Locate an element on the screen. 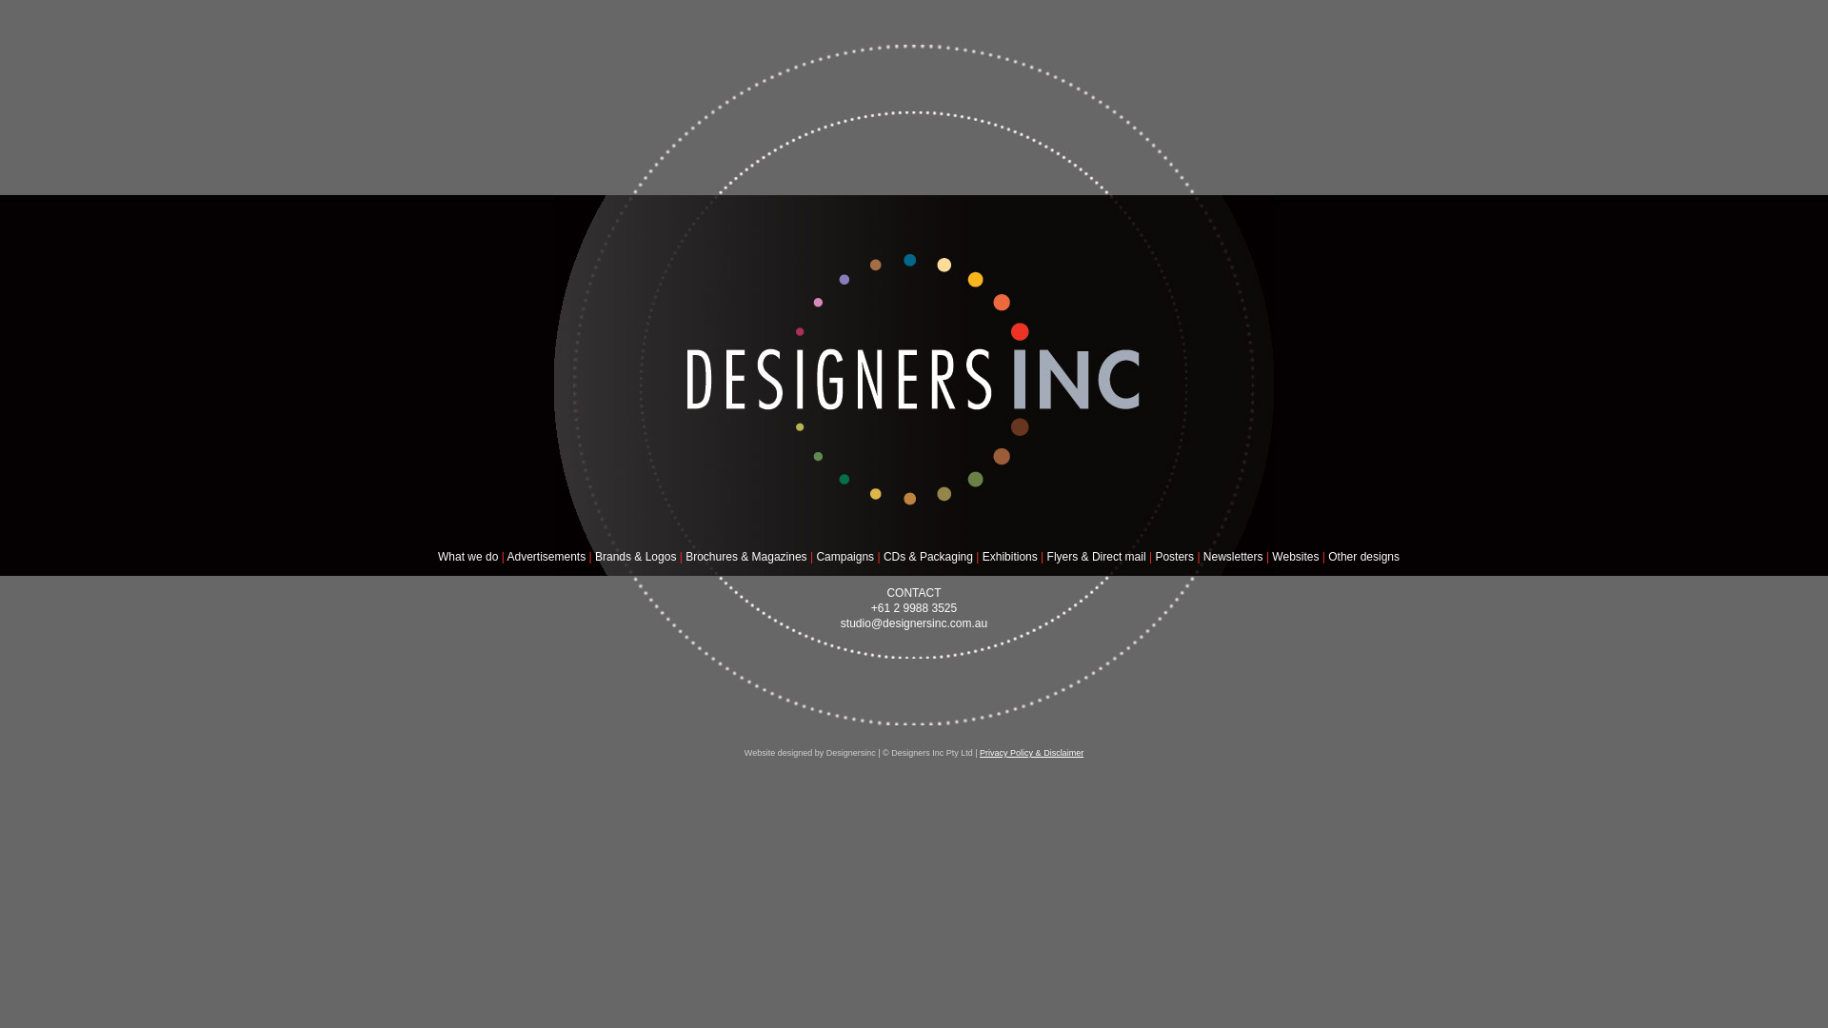 The image size is (1828, 1028). 'What we do' is located at coordinates (467, 557).